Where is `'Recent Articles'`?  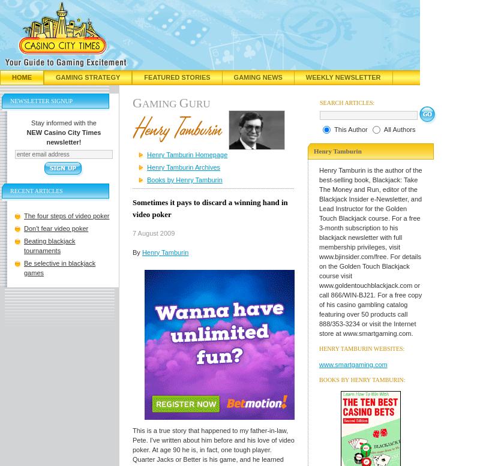
'Recent Articles' is located at coordinates (10, 190).